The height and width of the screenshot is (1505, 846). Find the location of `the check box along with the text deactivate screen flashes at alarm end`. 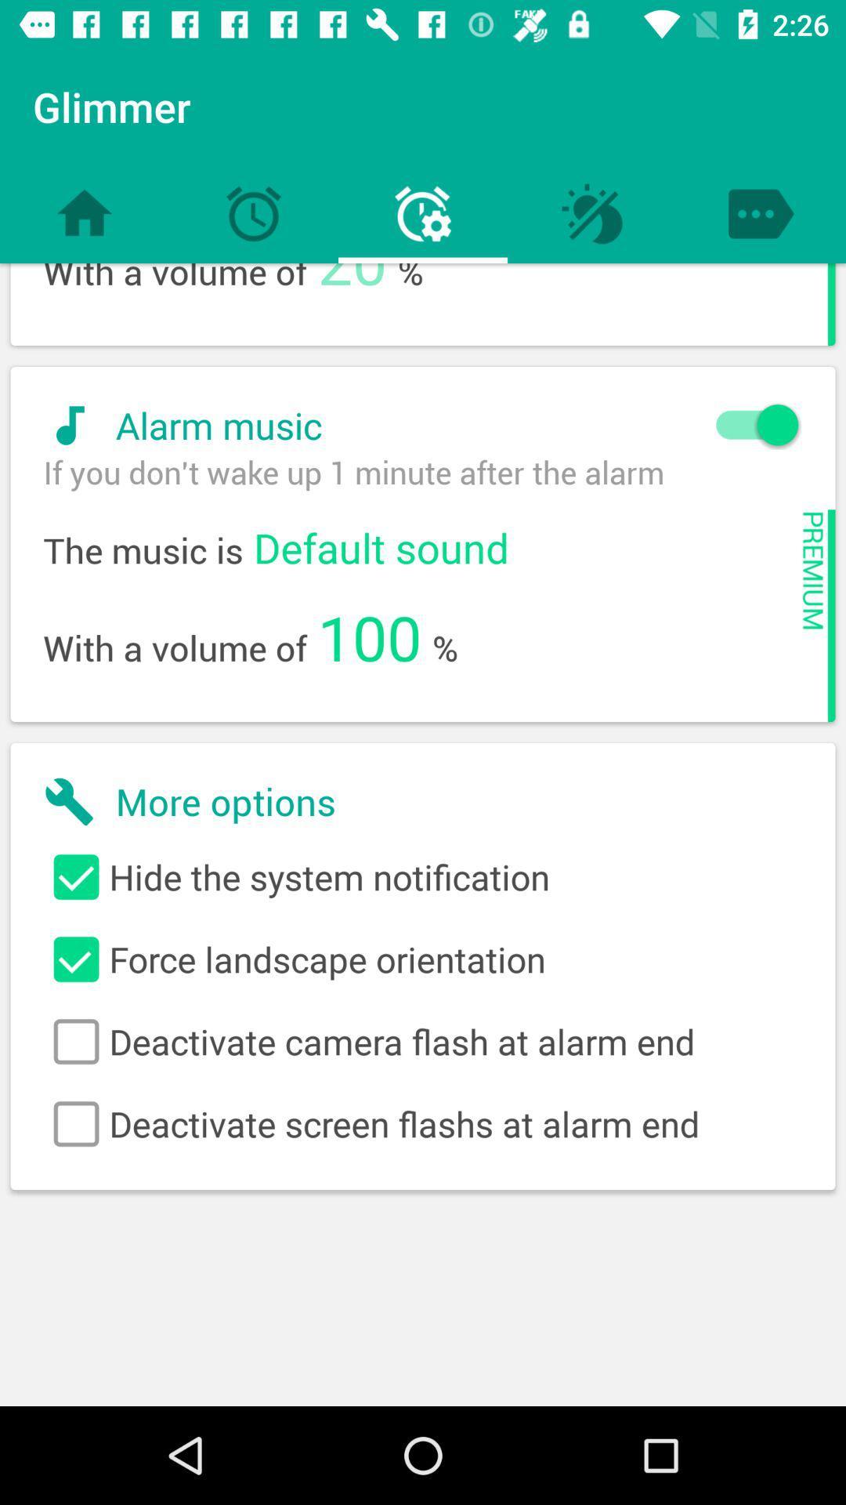

the check box along with the text deactivate screen flashes at alarm end is located at coordinates (423, 1123).